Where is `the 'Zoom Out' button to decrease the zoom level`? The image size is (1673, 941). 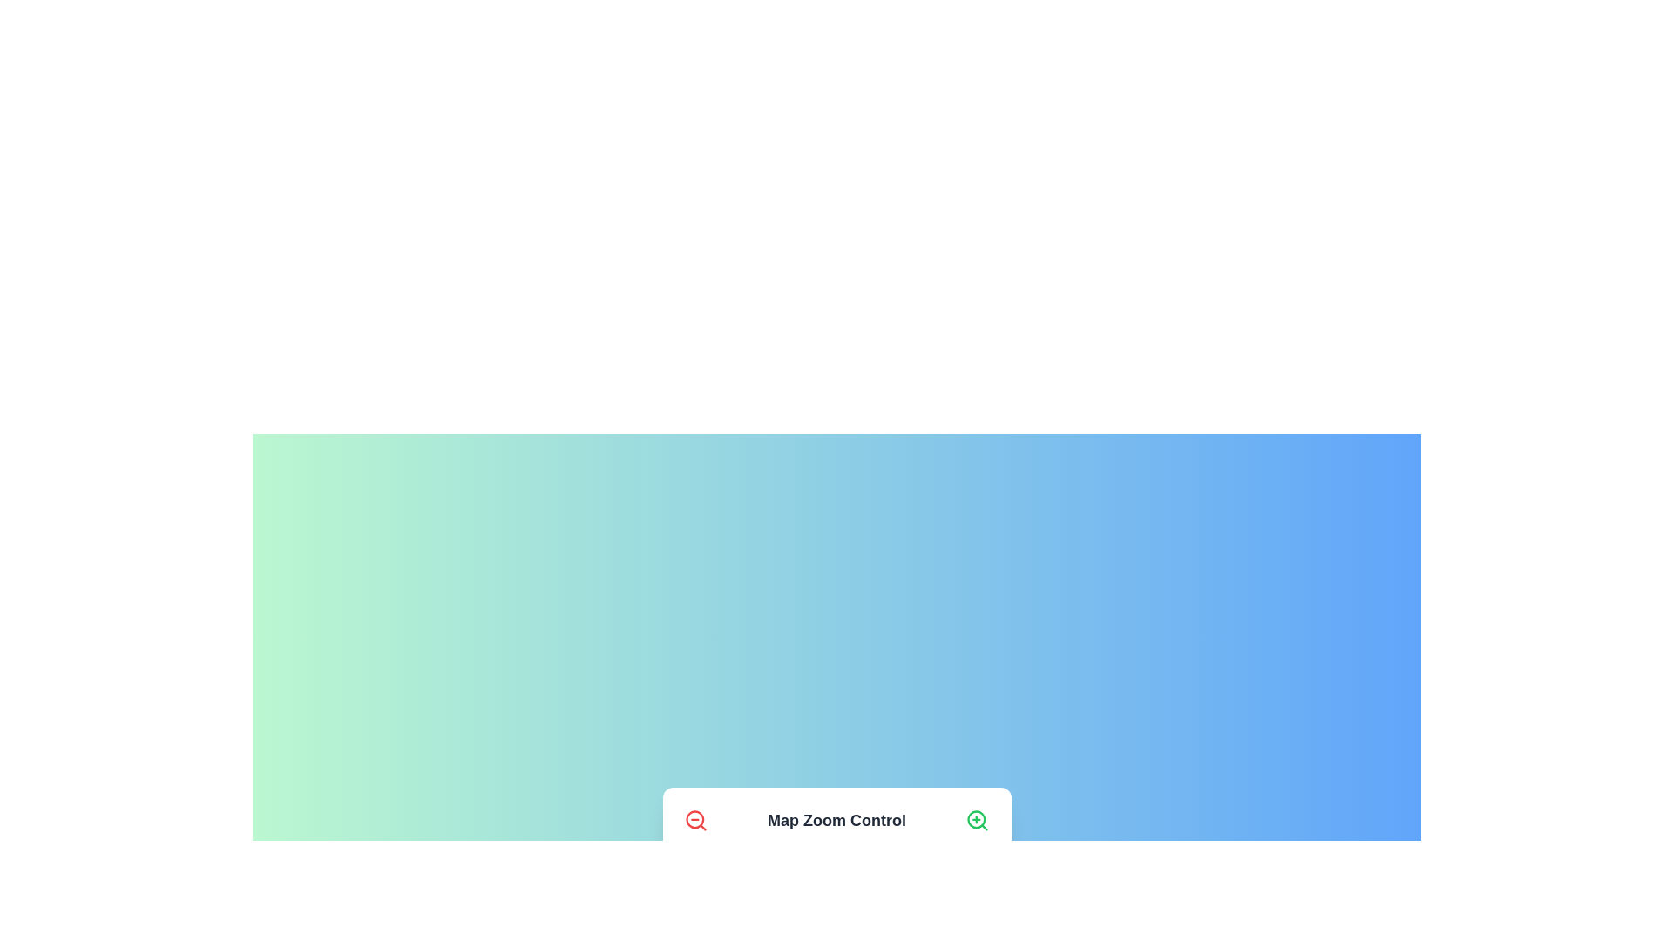
the 'Zoom Out' button to decrease the zoom level is located at coordinates (694, 820).